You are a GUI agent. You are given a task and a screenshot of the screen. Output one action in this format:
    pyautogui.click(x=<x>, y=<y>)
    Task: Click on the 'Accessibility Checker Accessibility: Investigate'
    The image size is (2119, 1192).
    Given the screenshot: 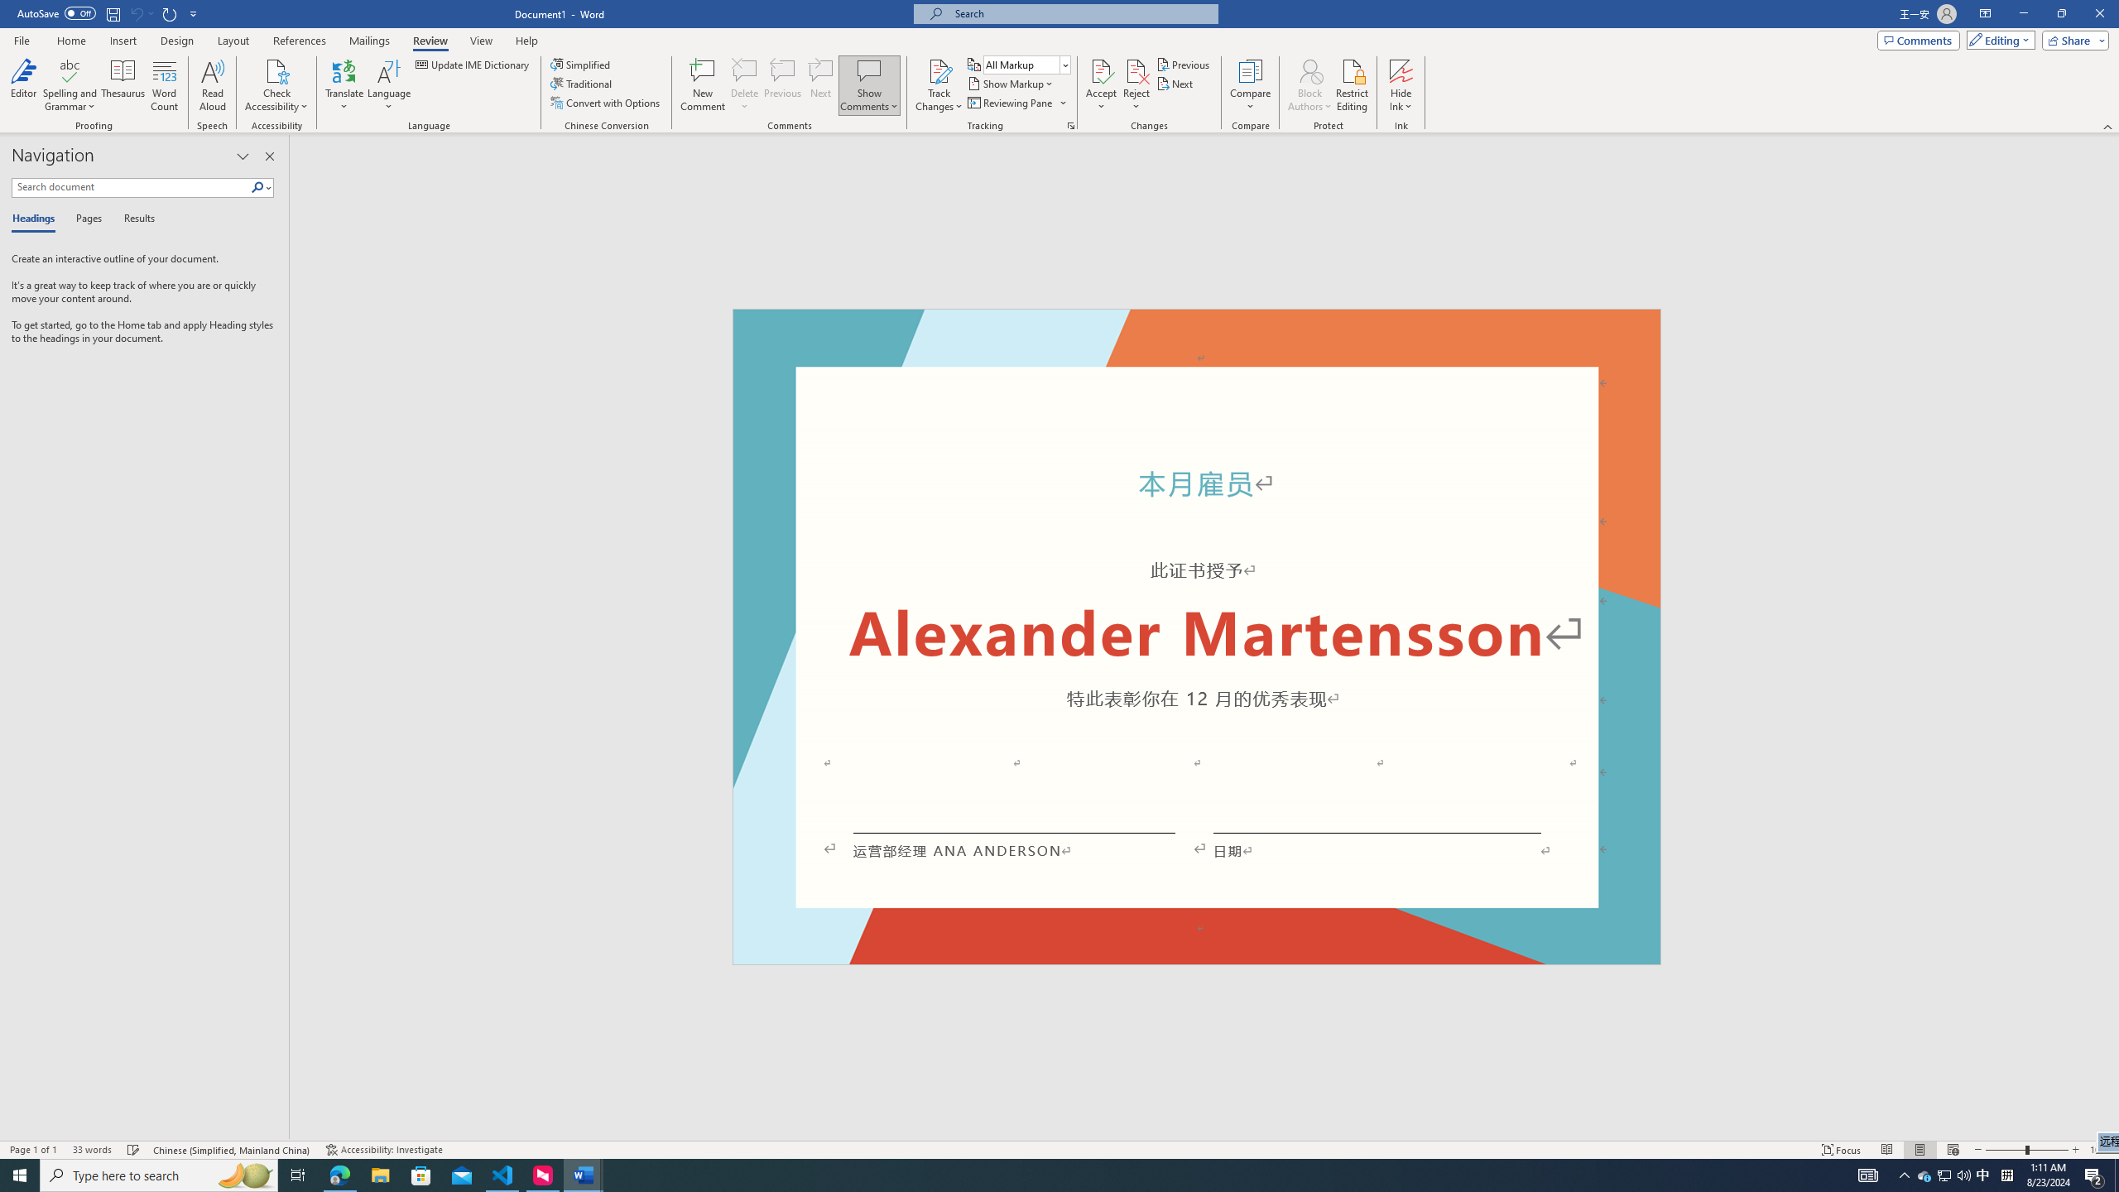 What is the action you would take?
    pyautogui.click(x=384, y=1150)
    